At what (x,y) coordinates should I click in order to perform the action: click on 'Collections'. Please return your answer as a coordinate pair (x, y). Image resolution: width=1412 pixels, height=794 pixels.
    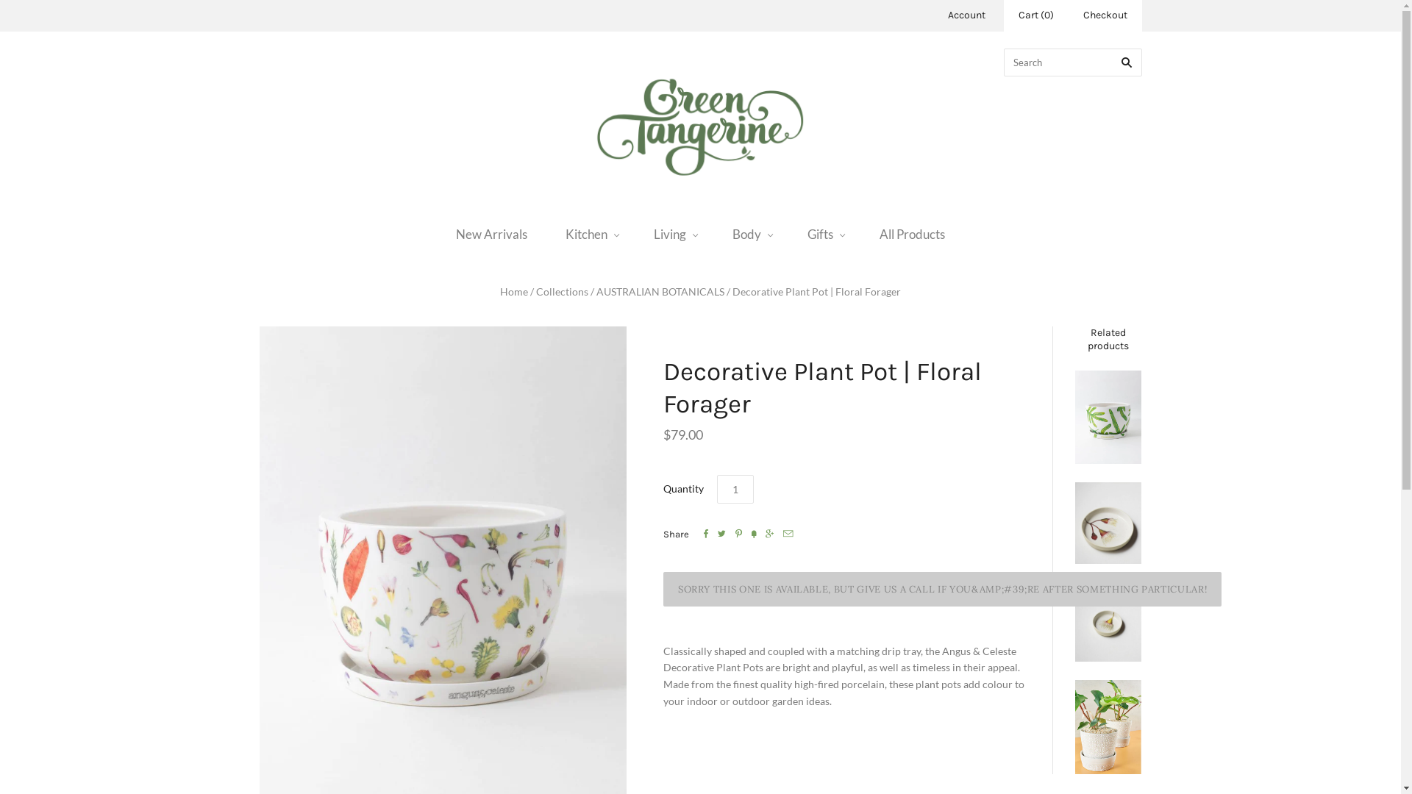
    Looking at the image, I should click on (561, 291).